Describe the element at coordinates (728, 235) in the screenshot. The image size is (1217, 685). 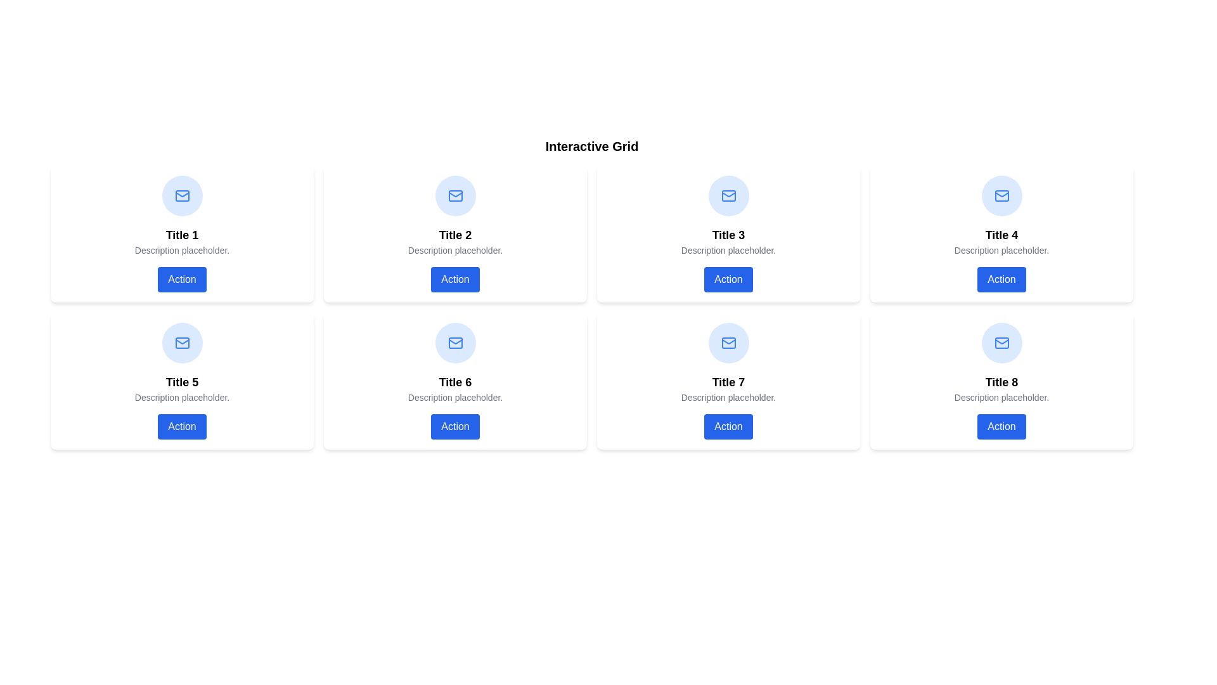
I see `text of the title element located in the third card of the top row in the grid layout, which serves as a primary identifier for the card's content` at that location.